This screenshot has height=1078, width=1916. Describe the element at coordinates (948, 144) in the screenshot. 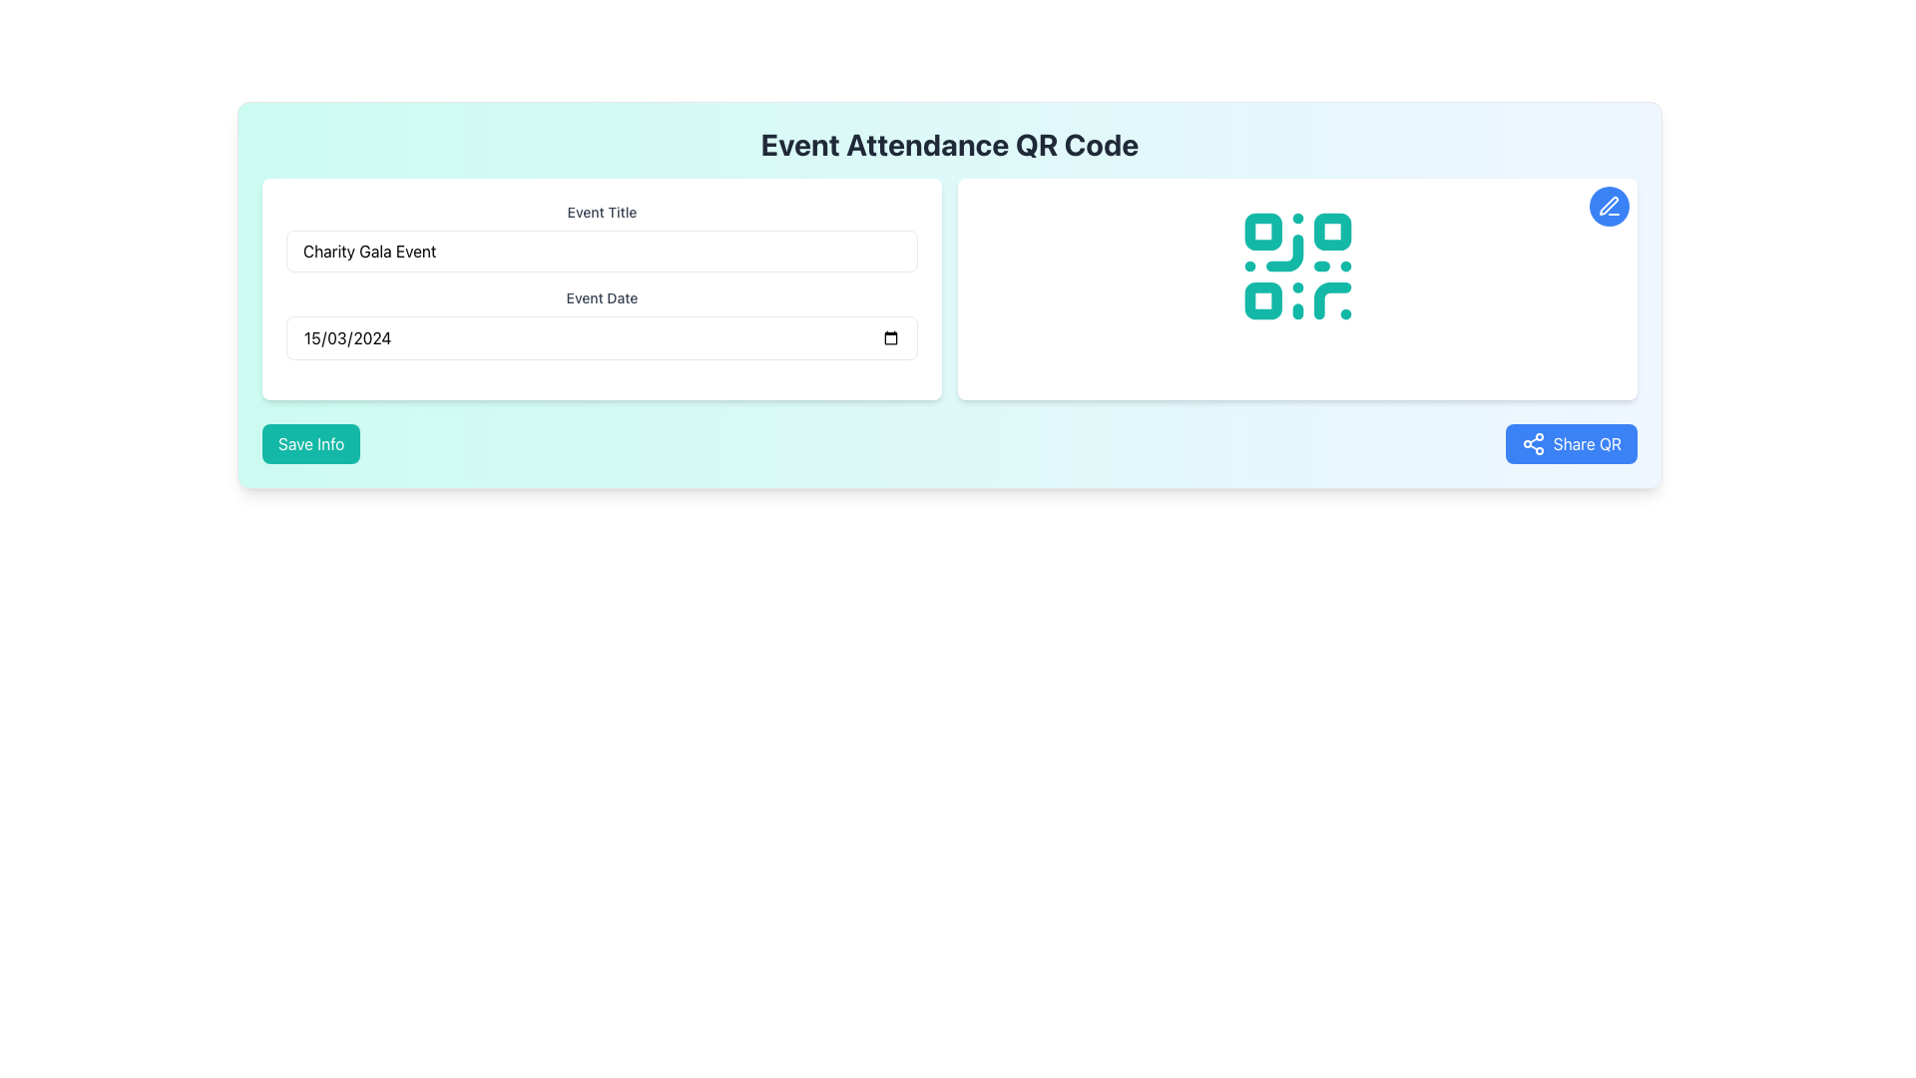

I see `the 'Event Attendance QR Code' static text element to read the text` at that location.